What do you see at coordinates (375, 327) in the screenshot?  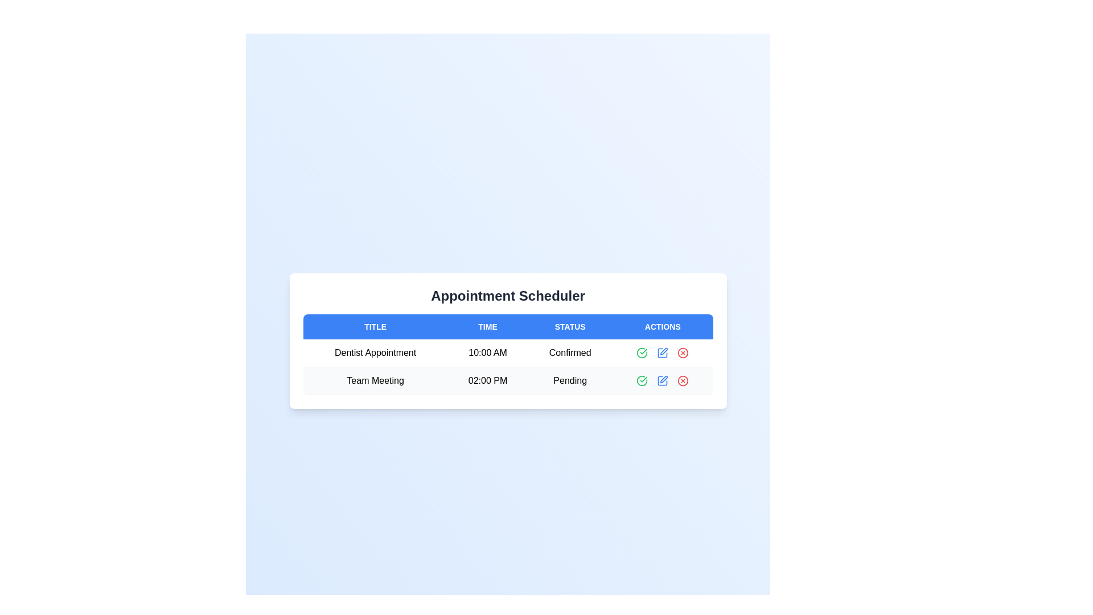 I see `the 'TITLE' column header in the structured data table, which is positioned at the top-left corner of the header row, adjacent to the 'TIME' column header` at bounding box center [375, 327].